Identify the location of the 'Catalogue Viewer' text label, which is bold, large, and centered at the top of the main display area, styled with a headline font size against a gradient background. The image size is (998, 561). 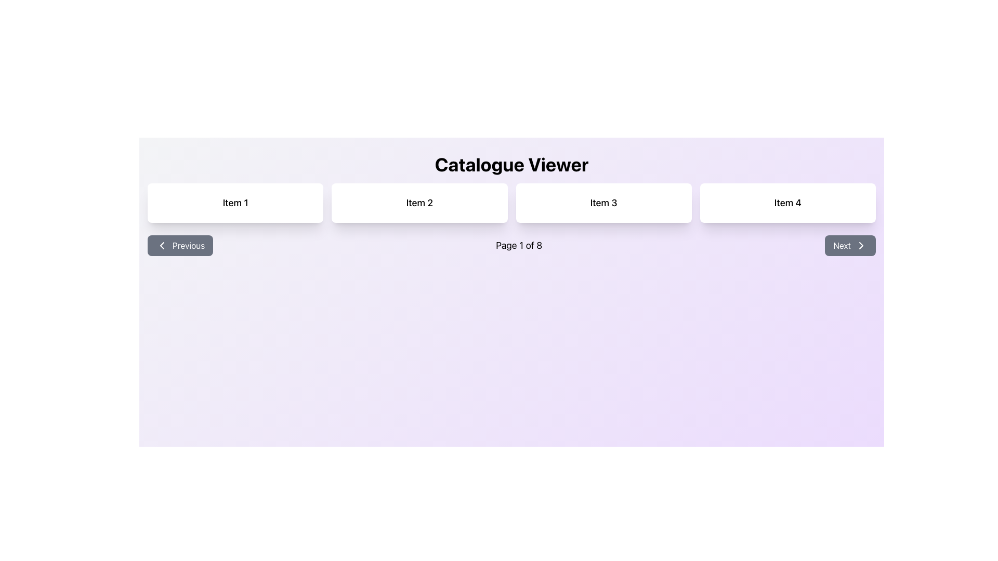
(511, 164).